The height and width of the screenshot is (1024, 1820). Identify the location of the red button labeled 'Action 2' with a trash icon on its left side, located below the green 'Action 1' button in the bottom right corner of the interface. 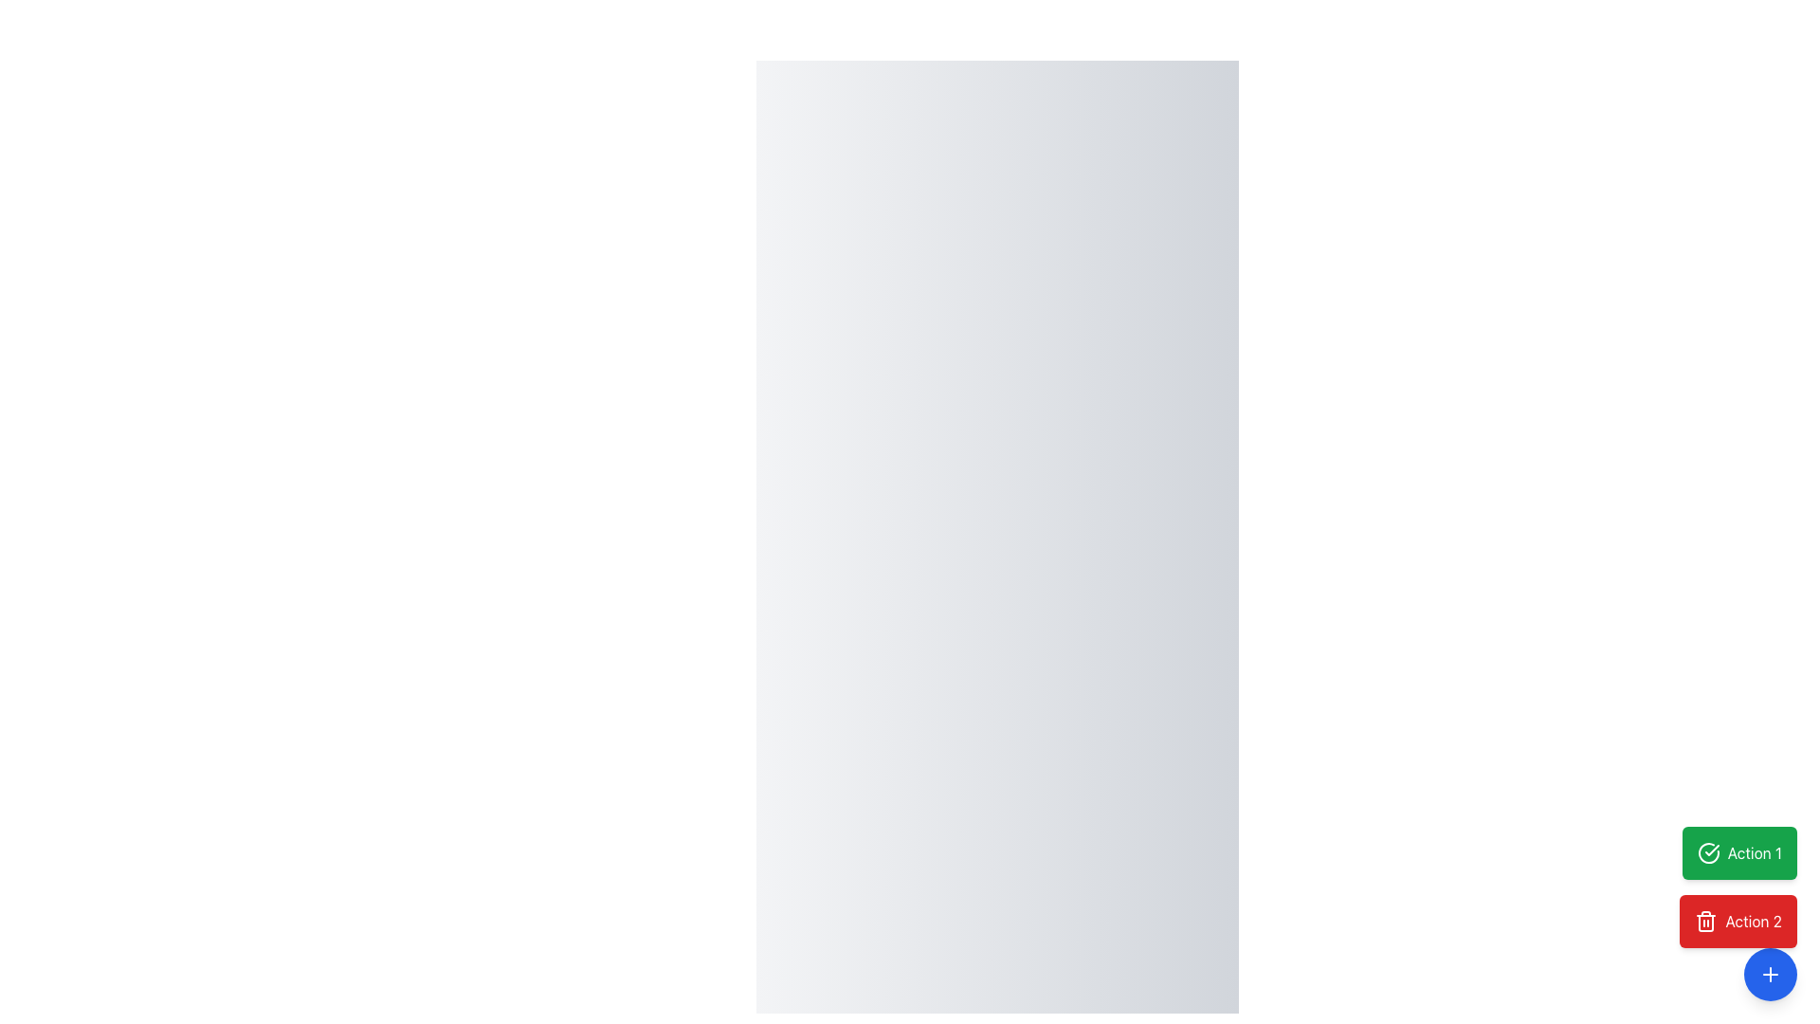
(1738, 921).